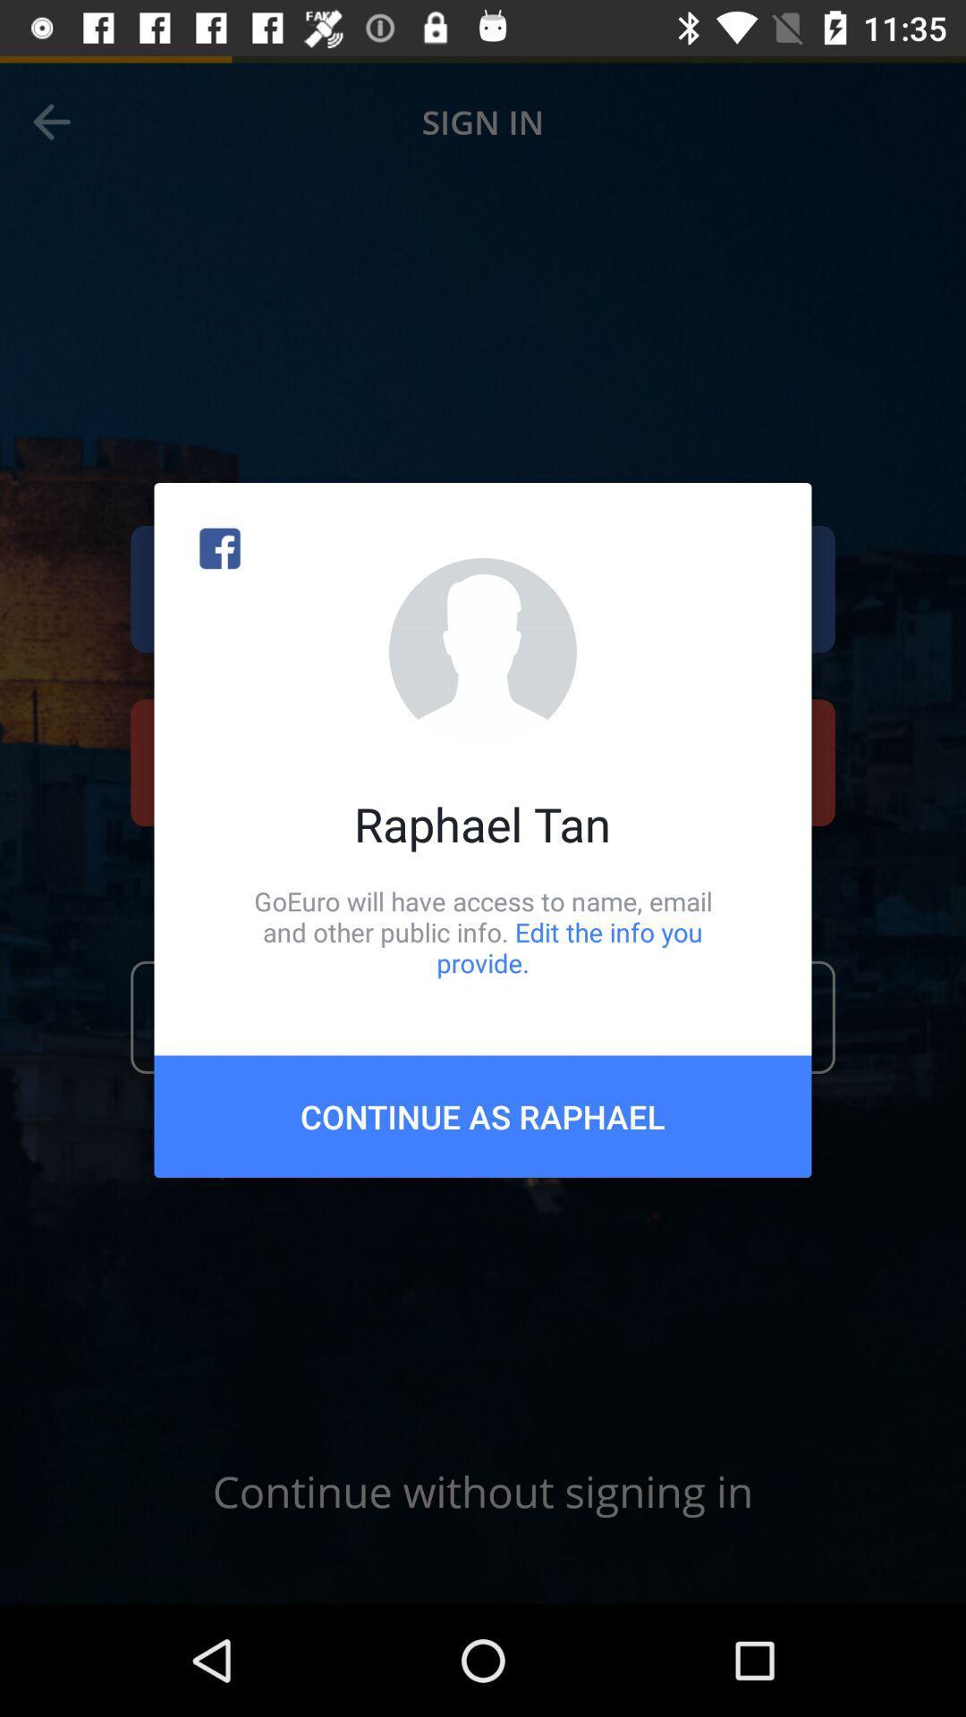  I want to click on the goeuro will have icon, so click(483, 931).